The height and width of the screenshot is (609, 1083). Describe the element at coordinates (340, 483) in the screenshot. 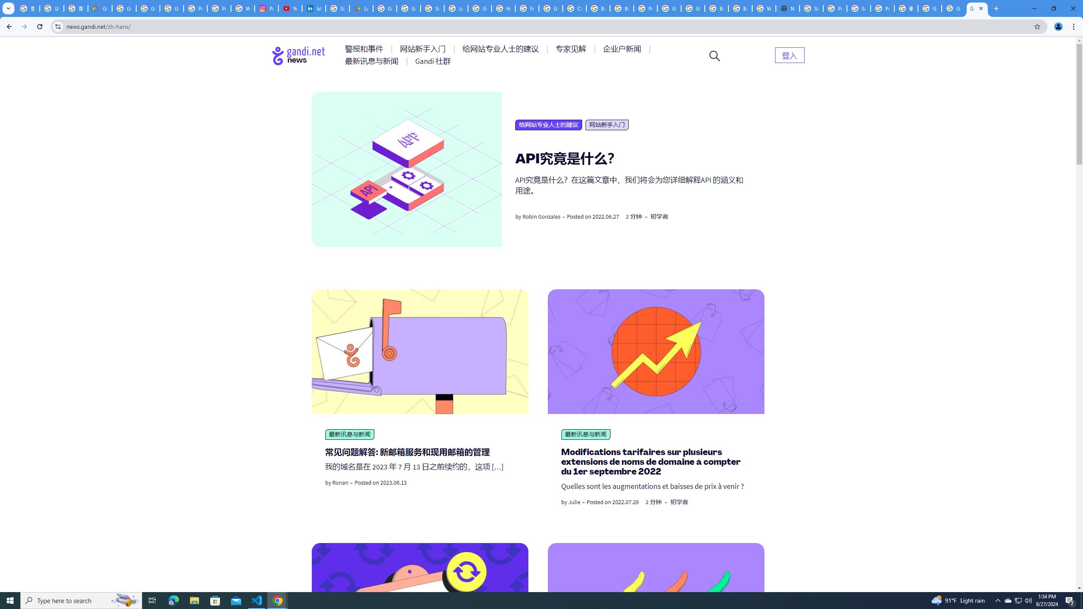

I see `'Ronan'` at that location.